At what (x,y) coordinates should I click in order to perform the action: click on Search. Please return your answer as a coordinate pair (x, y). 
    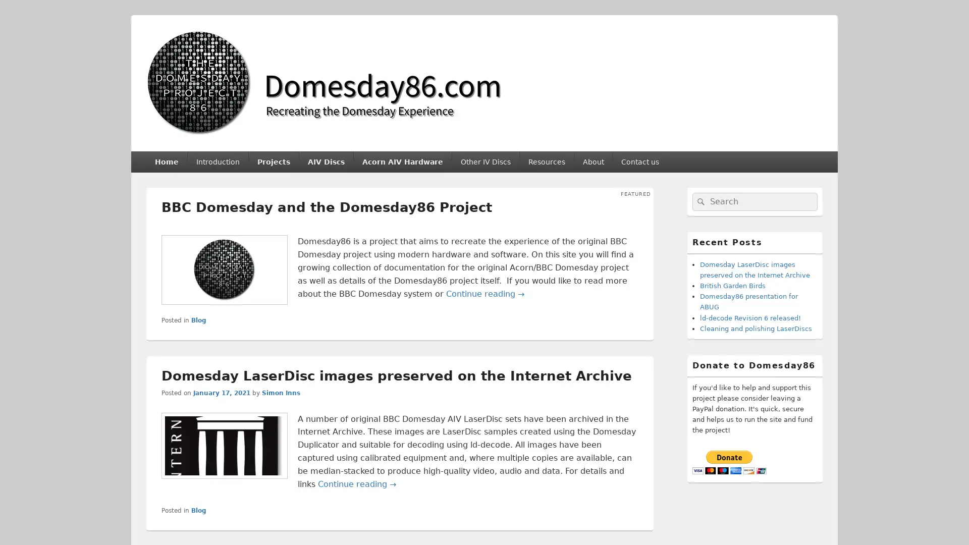
    Looking at the image, I should click on (699, 201).